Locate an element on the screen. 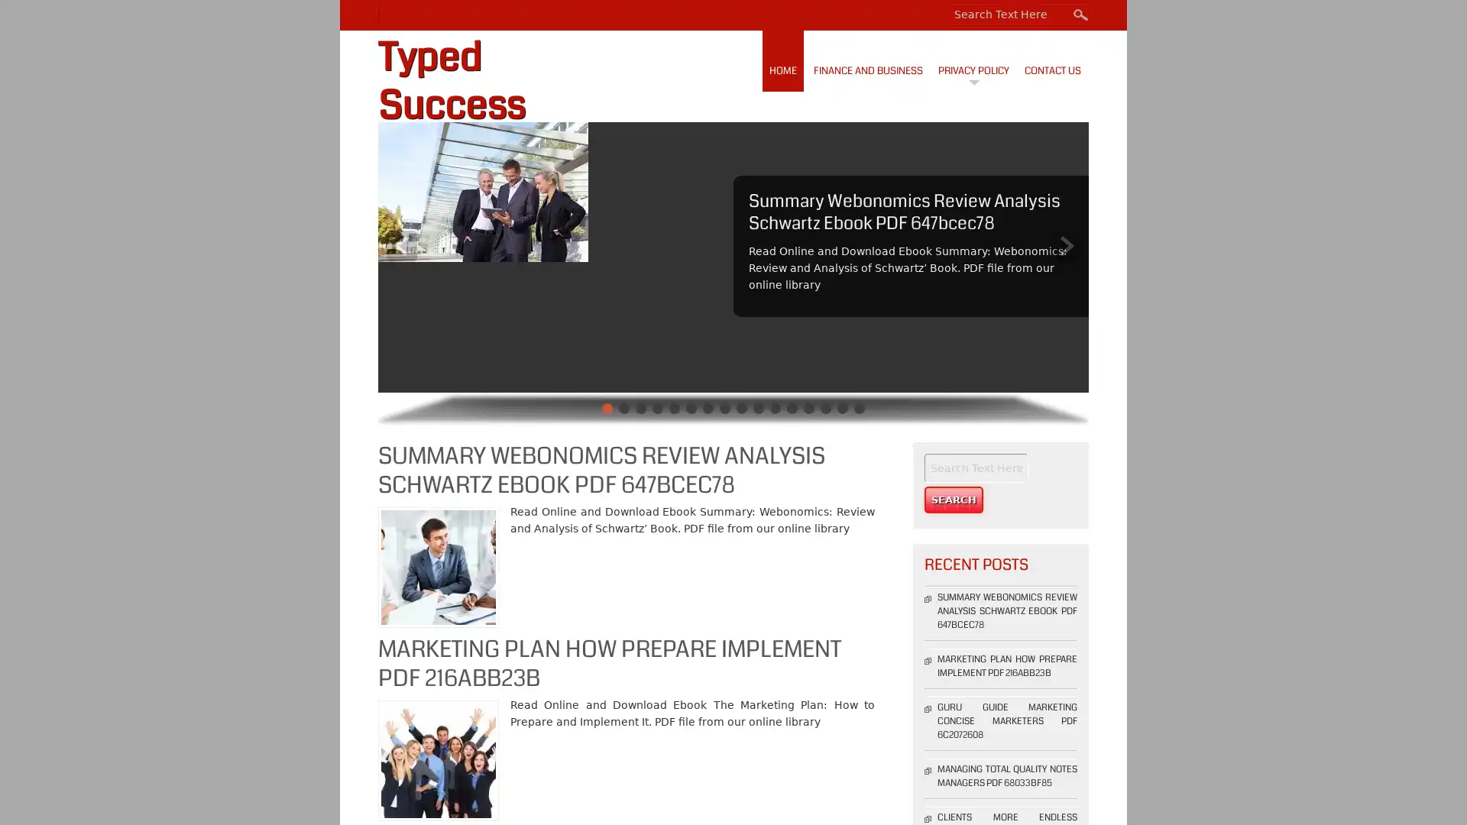  Search is located at coordinates (953, 500).